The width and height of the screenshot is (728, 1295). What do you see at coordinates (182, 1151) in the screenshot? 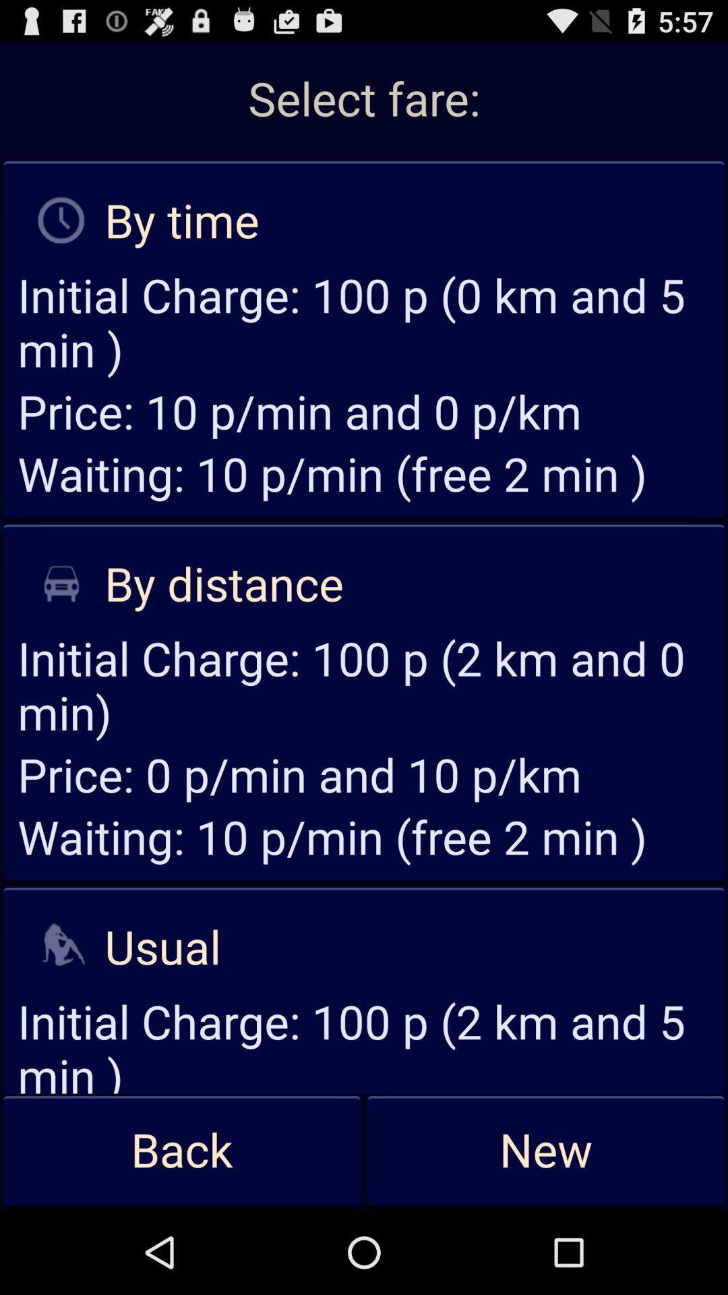
I see `app to the left of the new icon` at bounding box center [182, 1151].